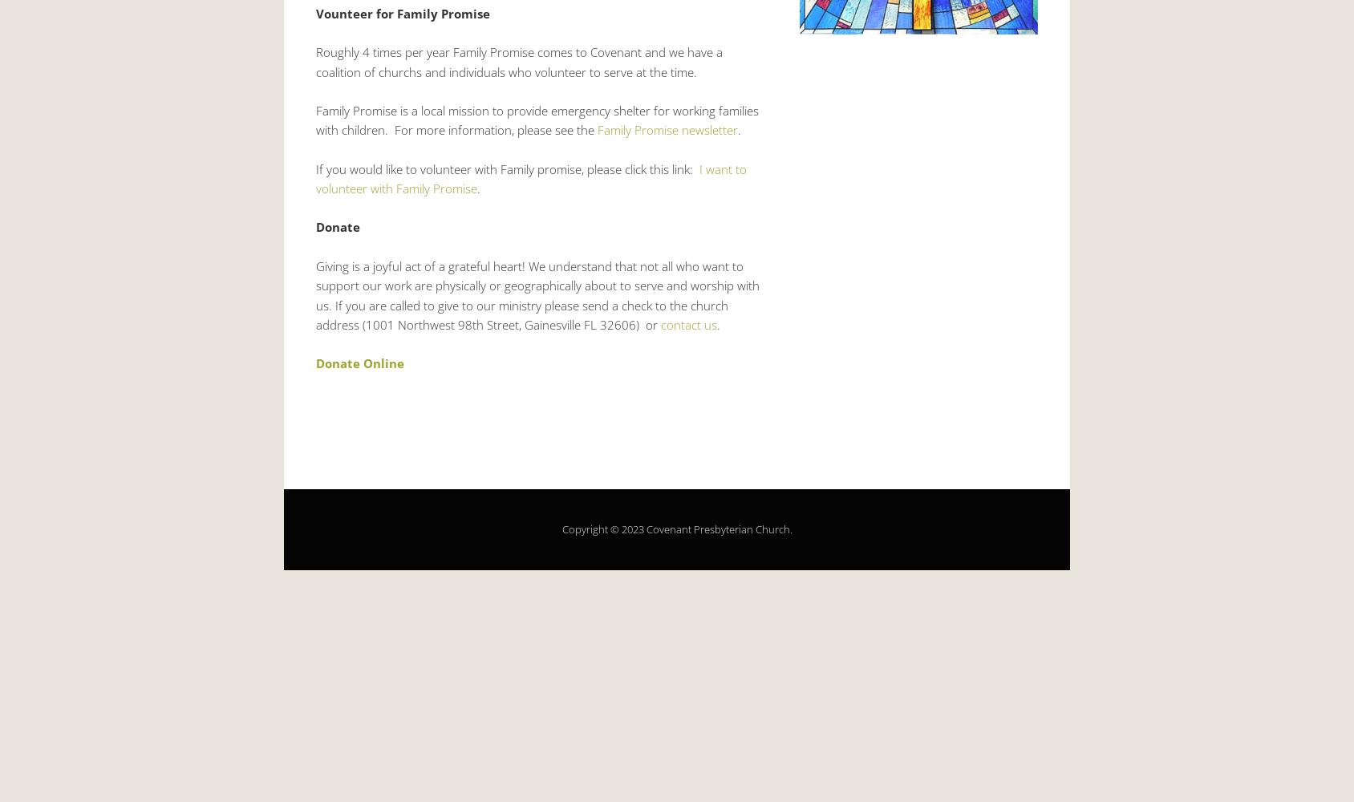  Describe the element at coordinates (508, 168) in the screenshot. I see `'If you would like to volunteer with Family promise, please click this link:'` at that location.